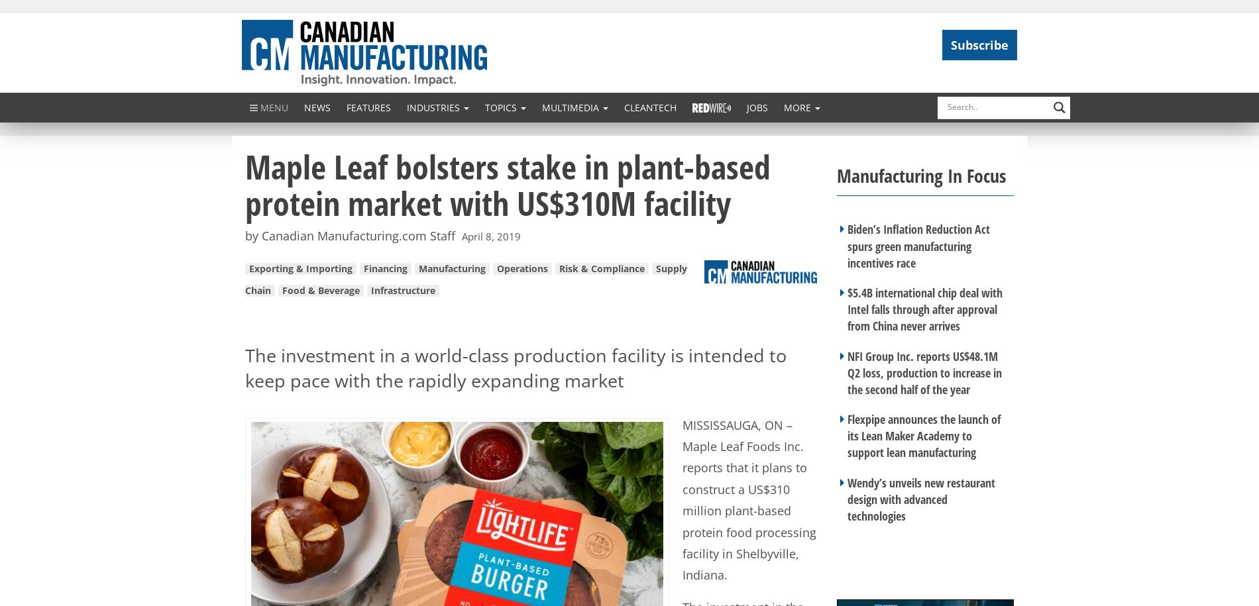 The height and width of the screenshot is (606, 1259). Describe the element at coordinates (571, 106) in the screenshot. I see `'Multimedia'` at that location.